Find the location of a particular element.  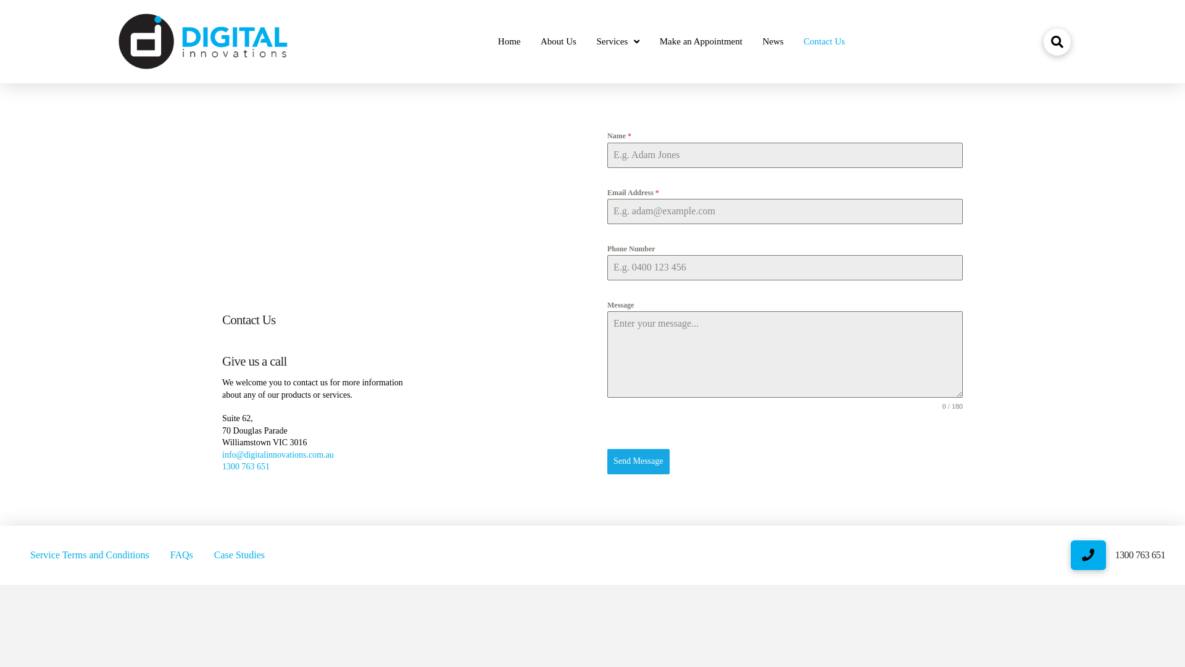

'About Us' is located at coordinates (558, 41).